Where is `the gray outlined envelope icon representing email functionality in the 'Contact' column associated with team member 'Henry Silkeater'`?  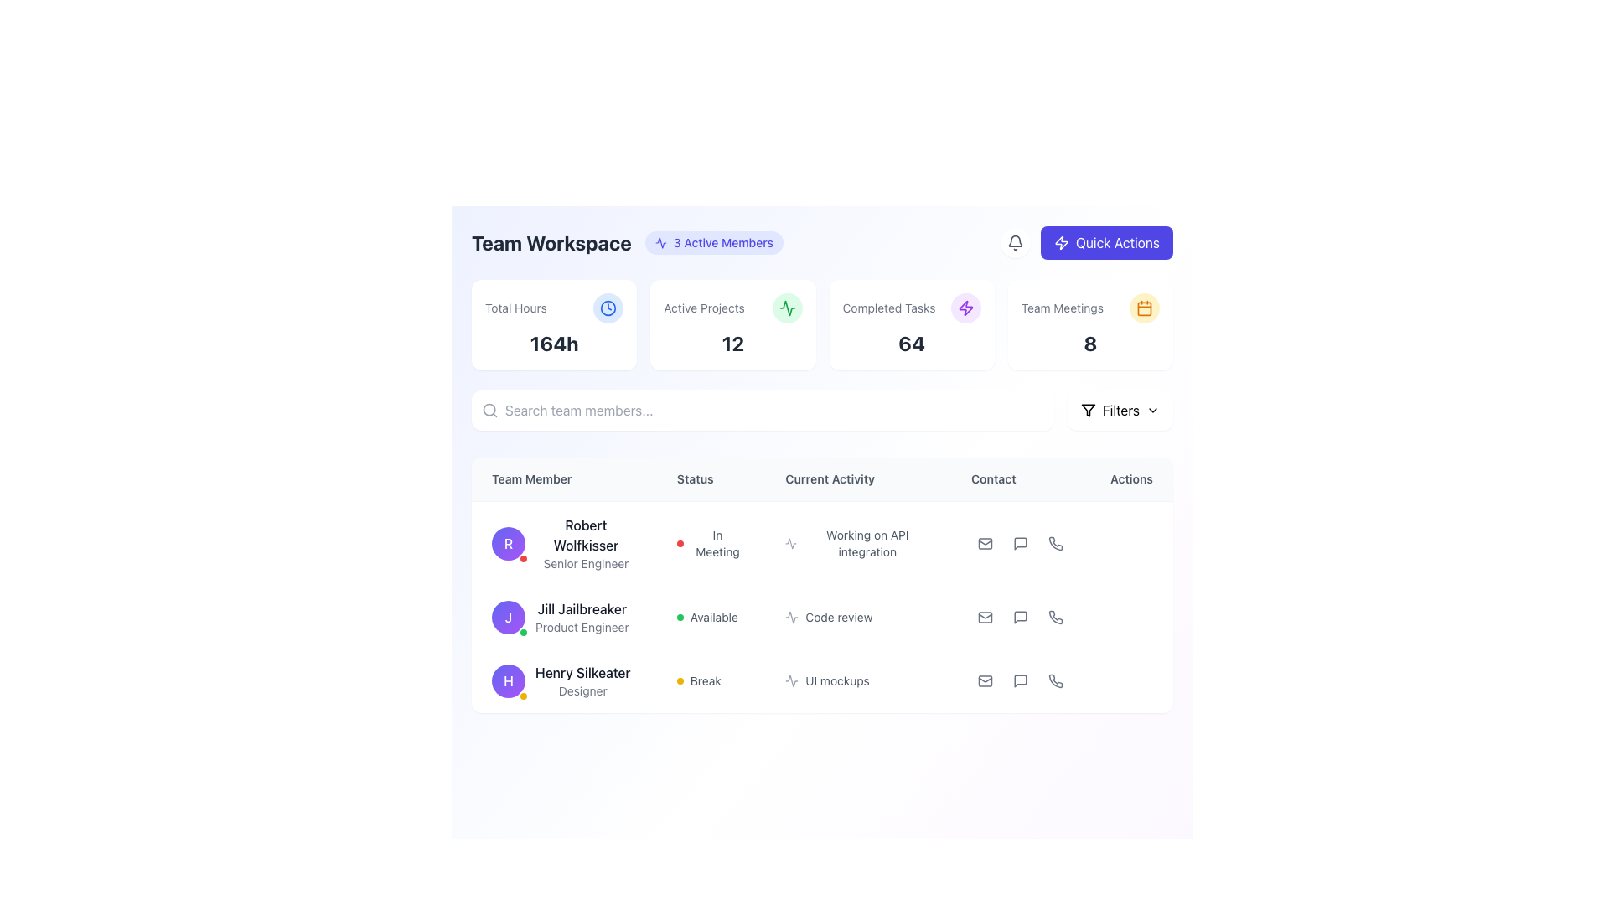 the gray outlined envelope icon representing email functionality in the 'Contact' column associated with team member 'Henry Silkeater' is located at coordinates (986, 681).